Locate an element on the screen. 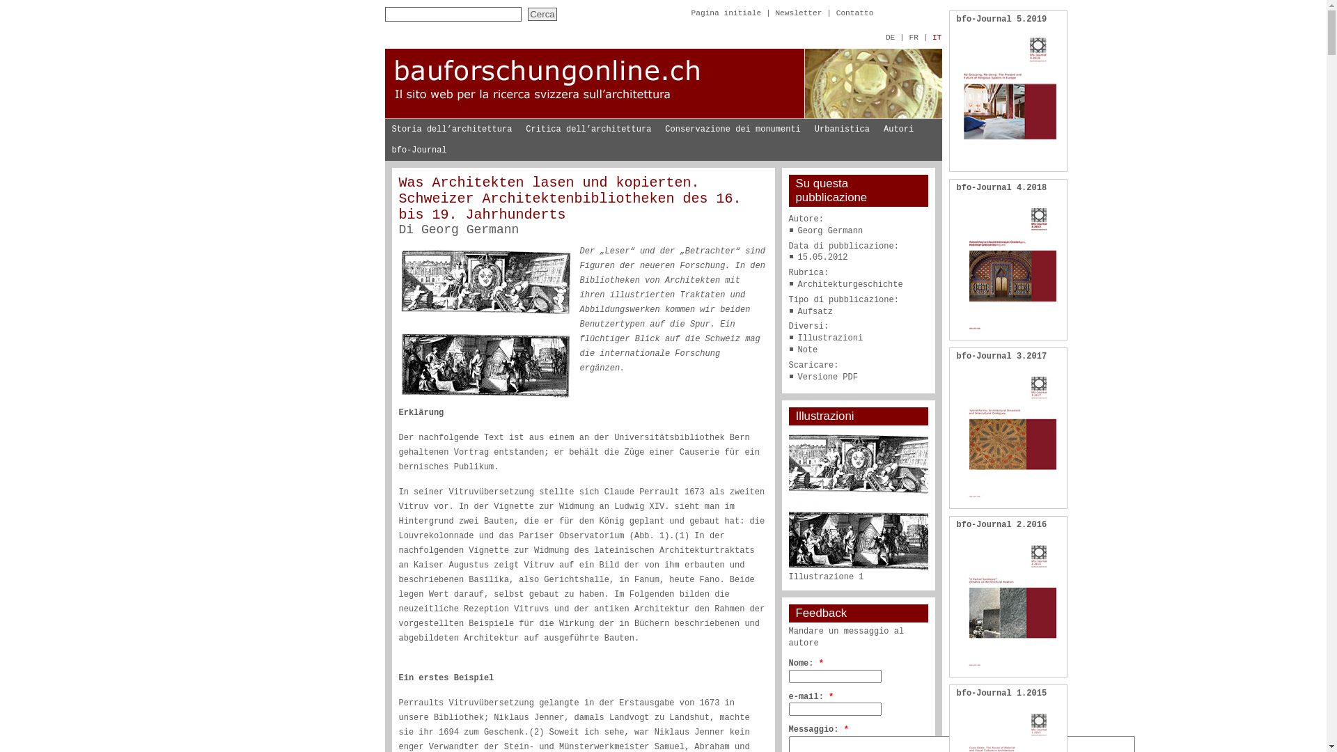 This screenshot has height=752, width=1337. 'Autori' is located at coordinates (898, 129).